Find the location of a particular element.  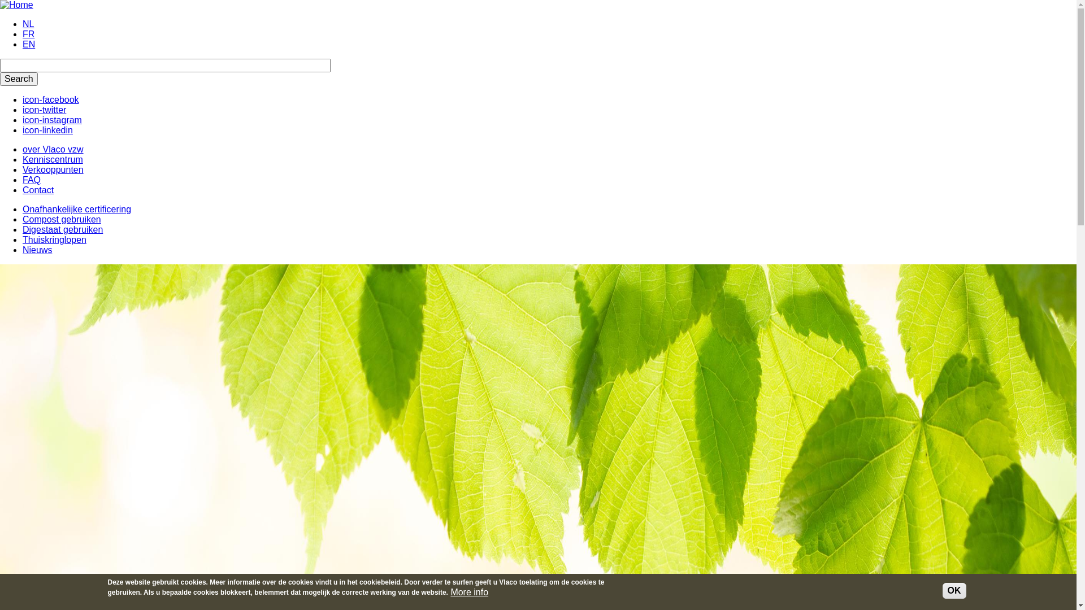

'Nieuws' is located at coordinates (22, 249).